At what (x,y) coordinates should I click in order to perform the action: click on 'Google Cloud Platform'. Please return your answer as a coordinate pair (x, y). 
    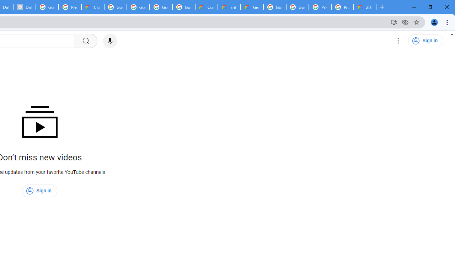
    Looking at the image, I should click on (274, 7).